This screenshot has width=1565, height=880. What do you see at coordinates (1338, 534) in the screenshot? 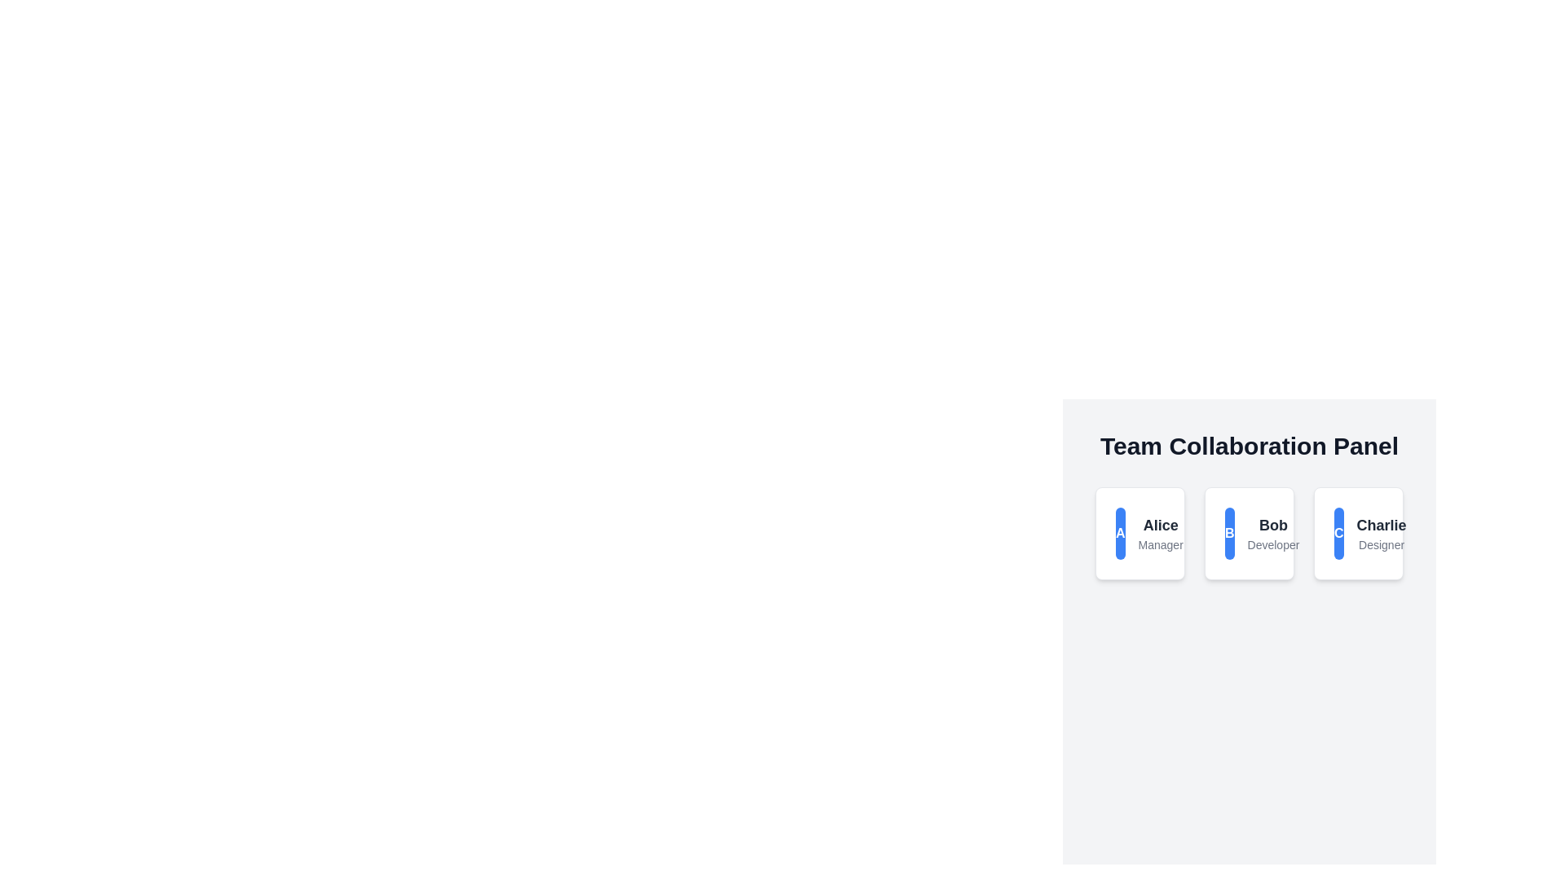
I see `the avatar representing user 'Charlie' in the Team Collaboration Panel` at bounding box center [1338, 534].